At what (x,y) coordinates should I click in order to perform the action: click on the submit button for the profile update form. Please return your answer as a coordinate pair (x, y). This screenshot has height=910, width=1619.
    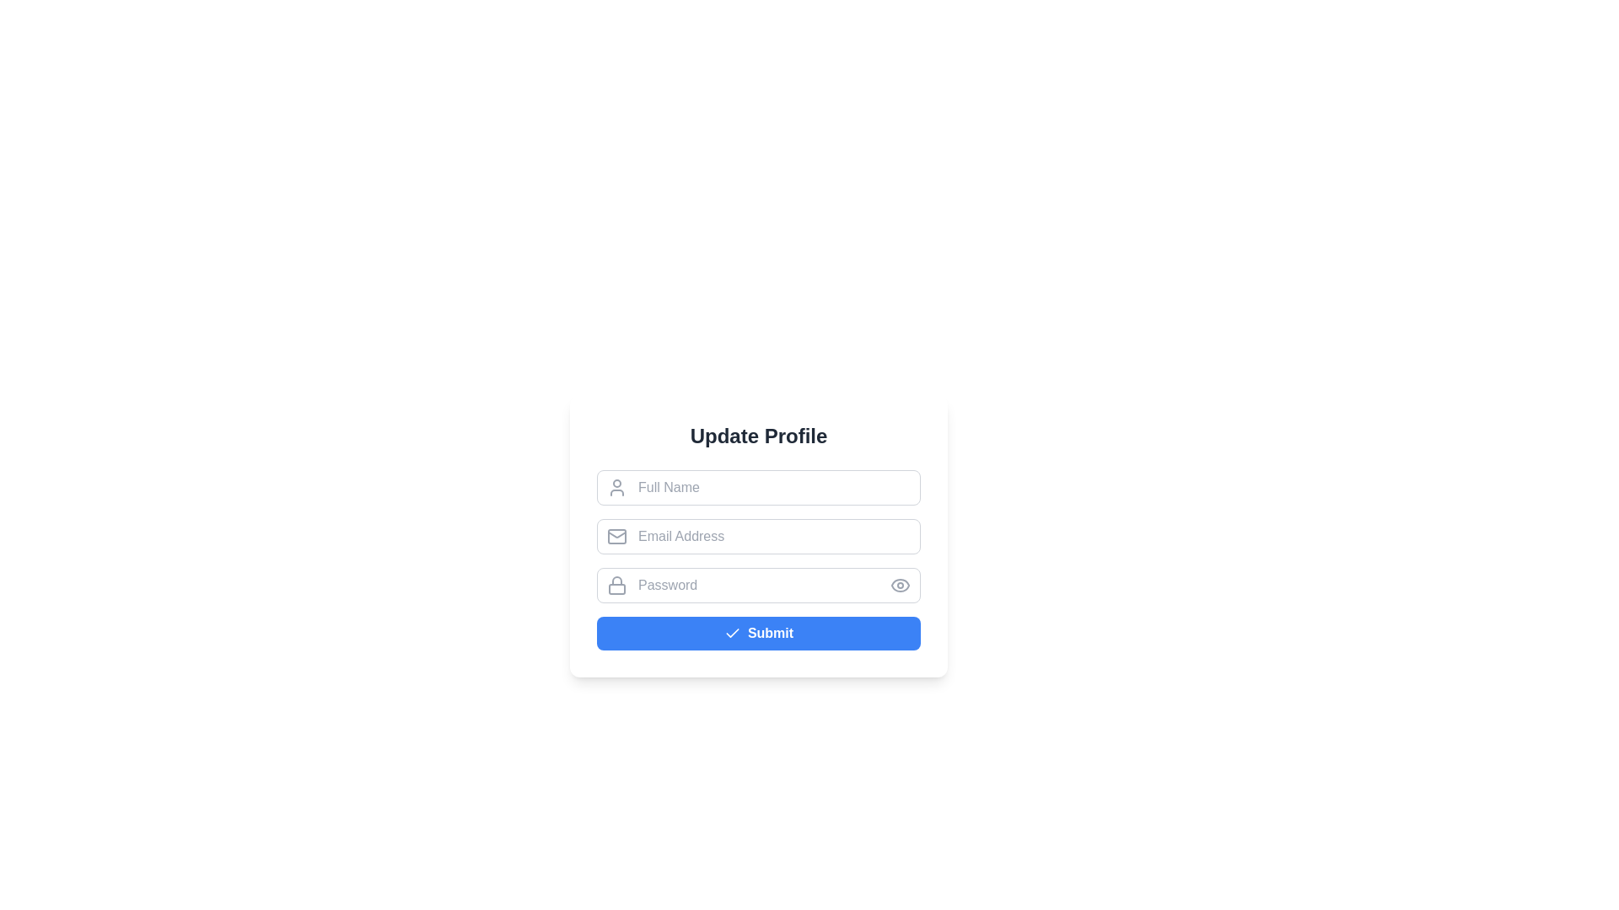
    Looking at the image, I should click on (758, 634).